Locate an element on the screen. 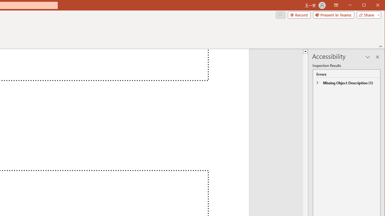 The height and width of the screenshot is (216, 385). 'Maximize' is located at coordinates (372, 6).